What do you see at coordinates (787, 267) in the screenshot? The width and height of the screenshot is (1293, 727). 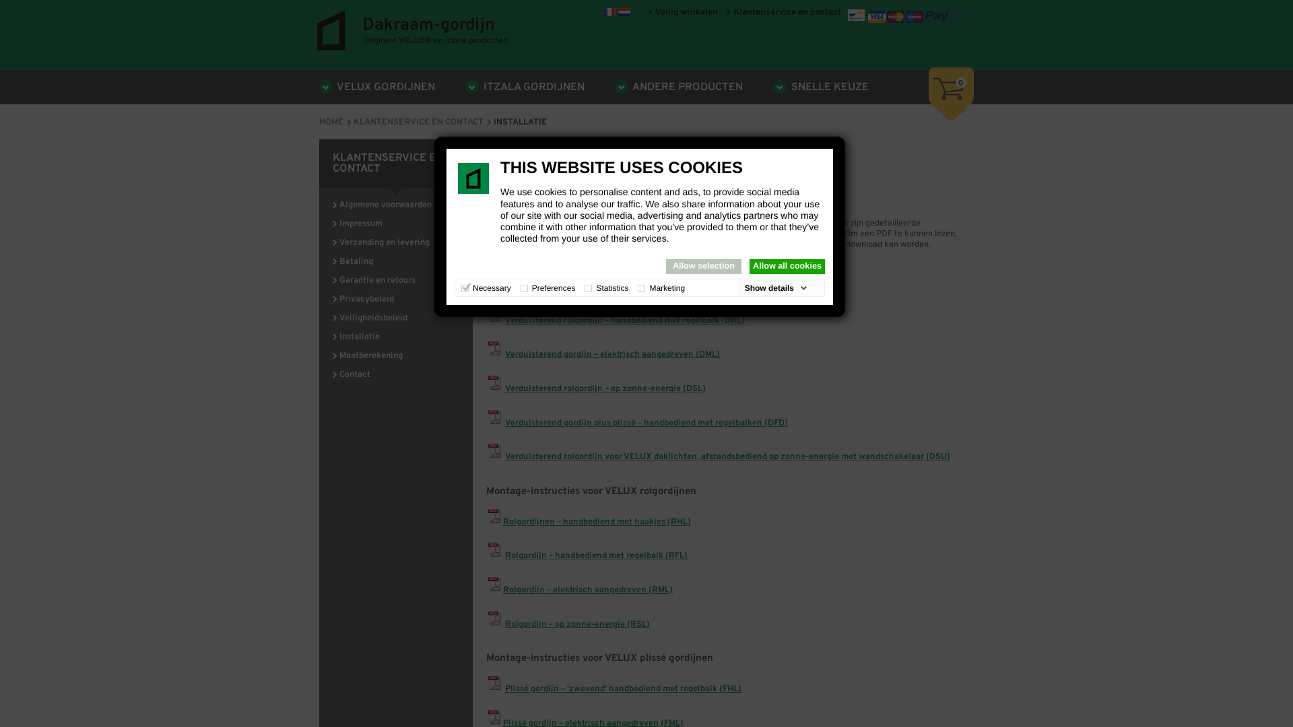 I see `'Allow all cookies'` at bounding box center [787, 267].